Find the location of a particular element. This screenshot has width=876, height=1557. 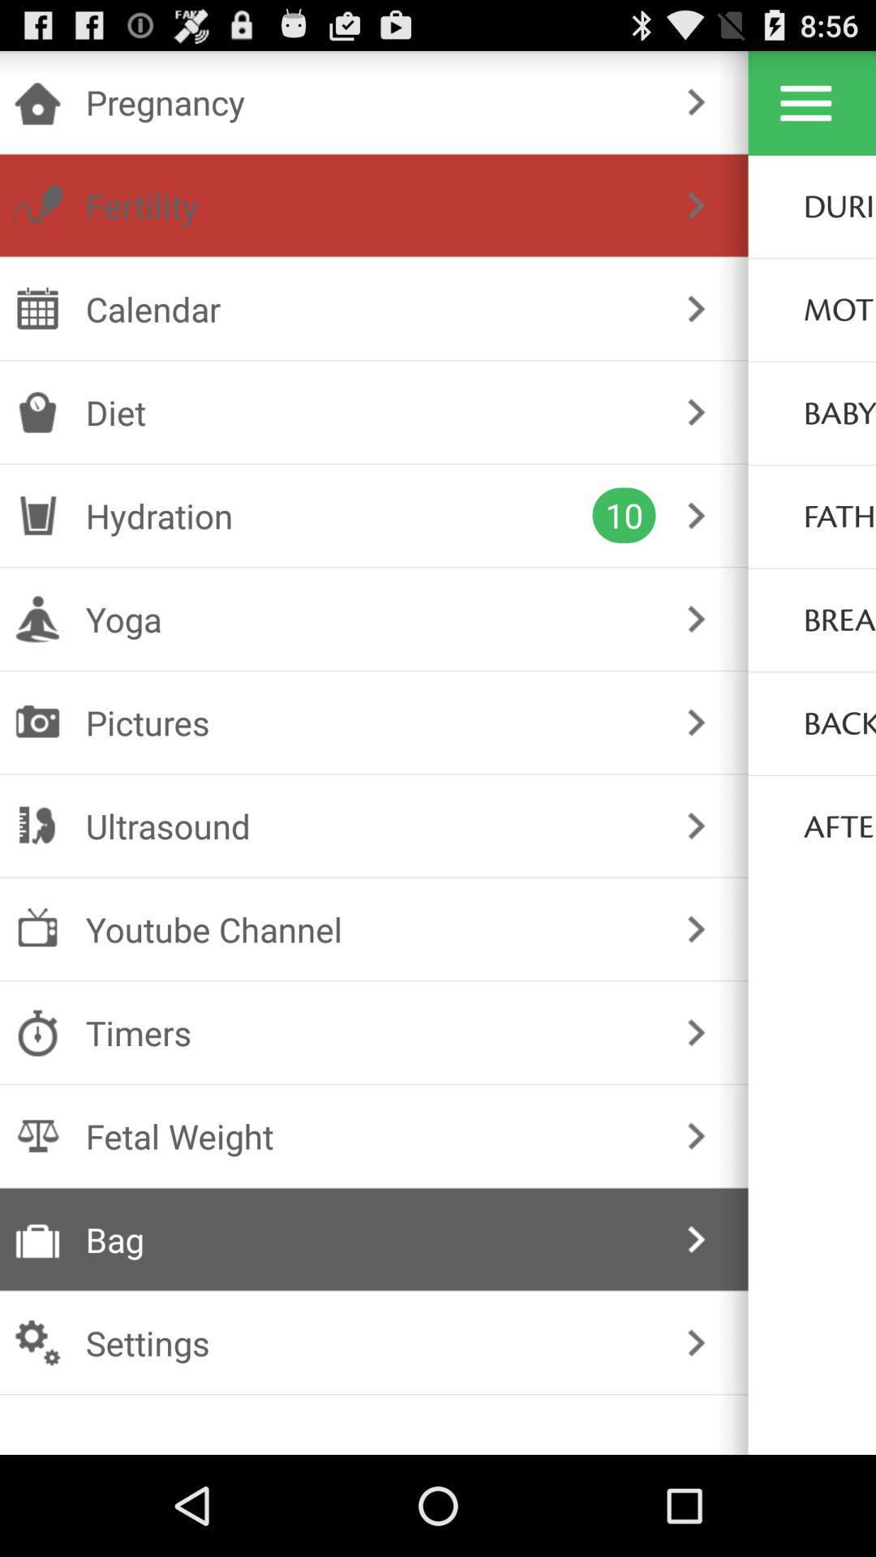

the checkbox above the ultrasound checkbox is located at coordinates (371, 722).